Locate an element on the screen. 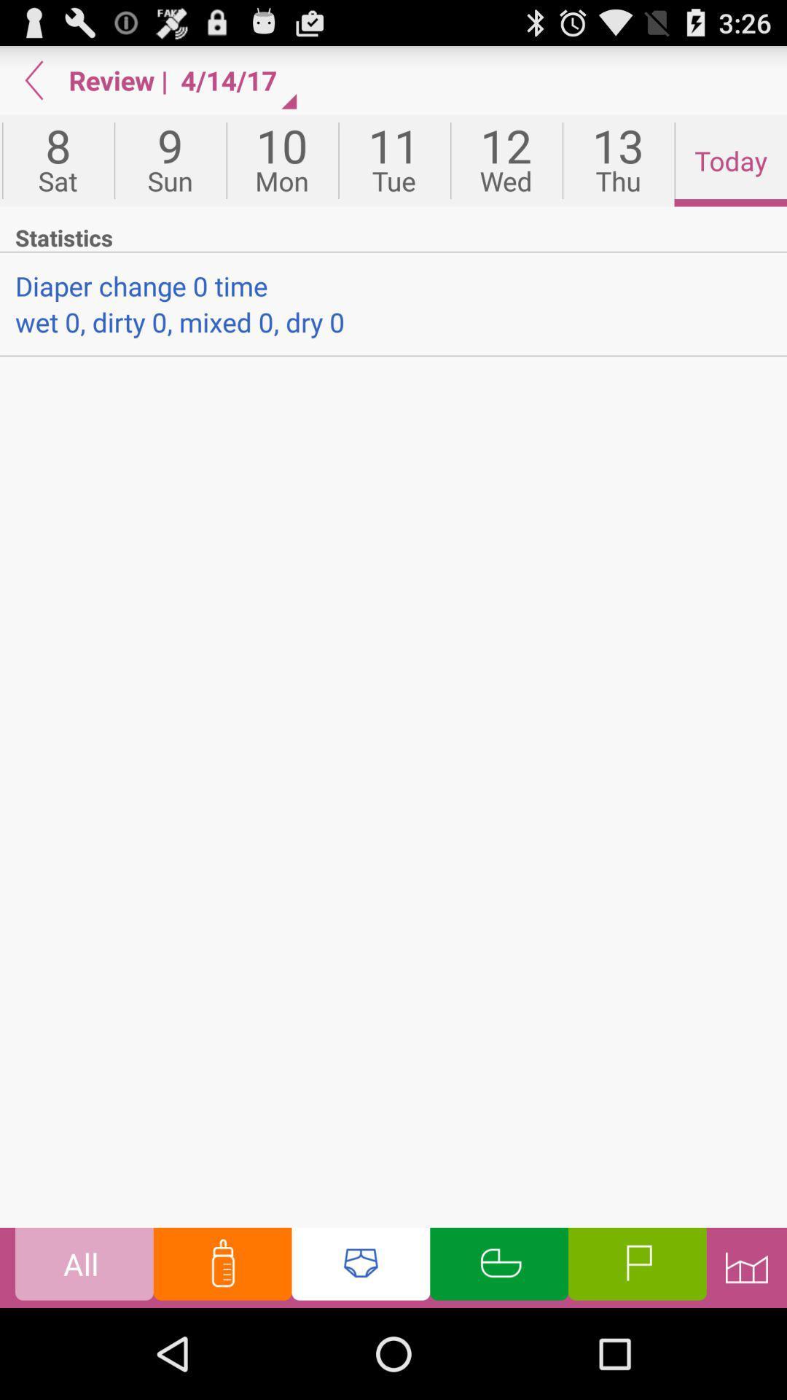  item to the right of the 10 icon is located at coordinates (394, 160).